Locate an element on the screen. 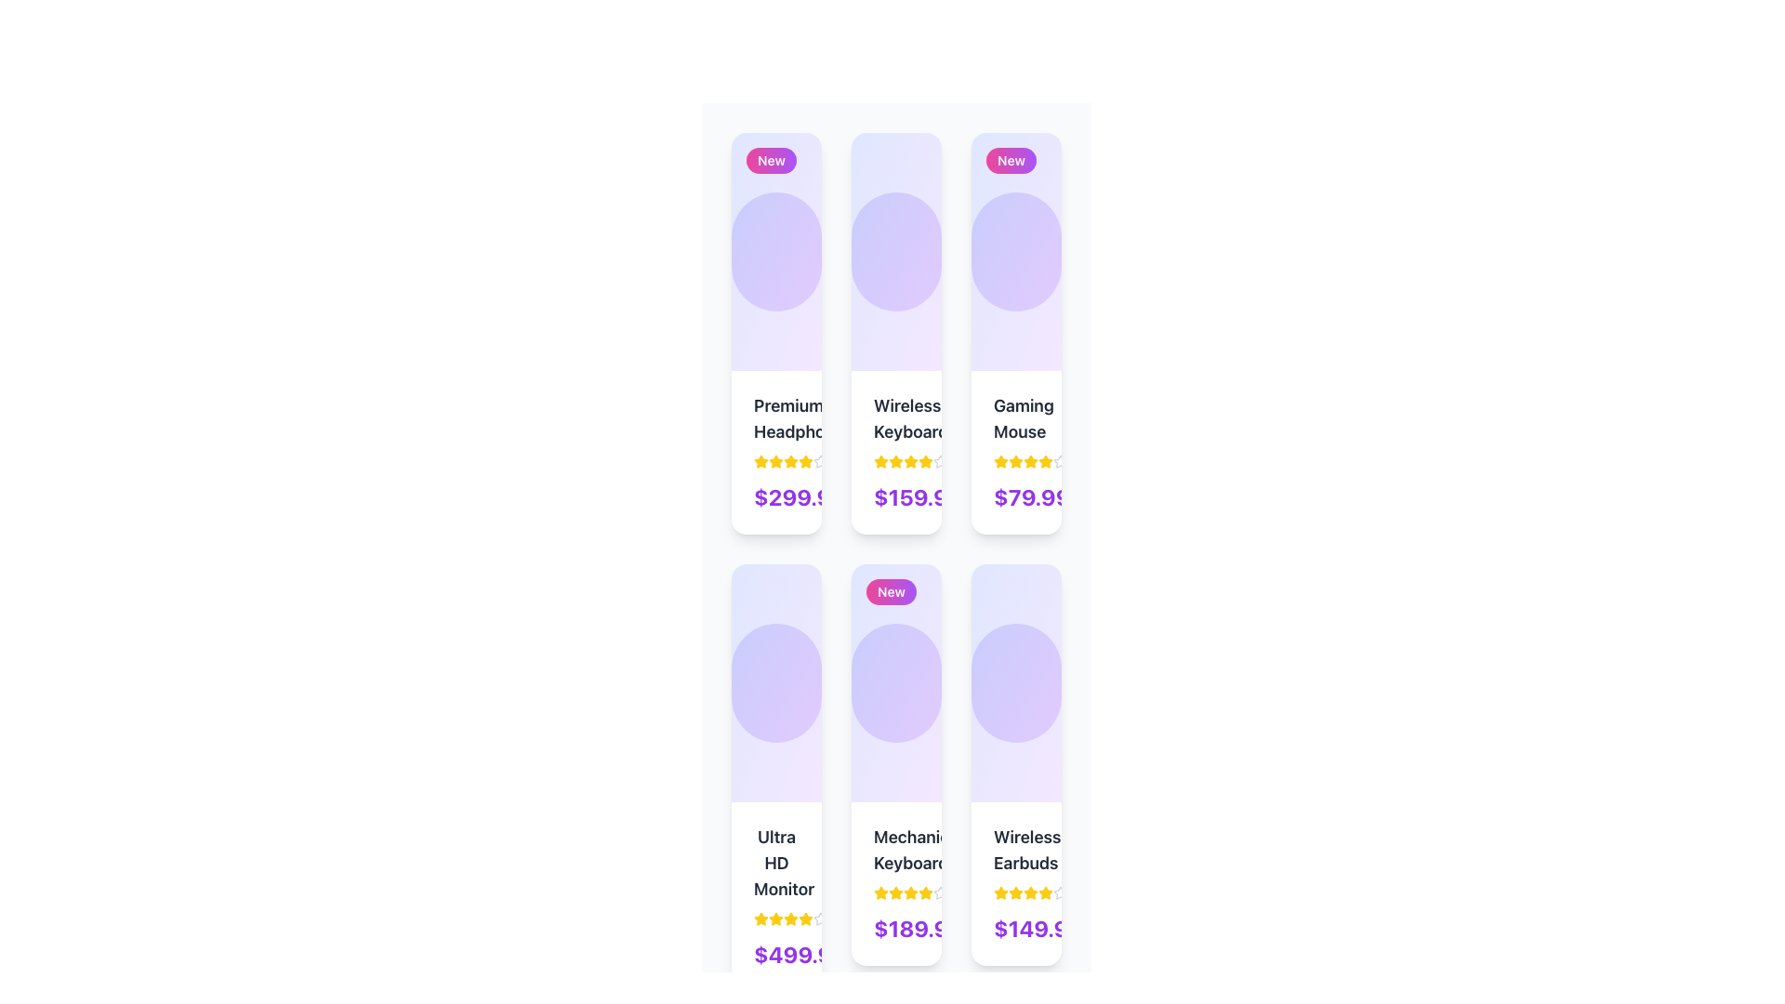  the third yellow star icon in the rating component for the 'Wireless Earbuds' product card is located at coordinates (1015, 892).